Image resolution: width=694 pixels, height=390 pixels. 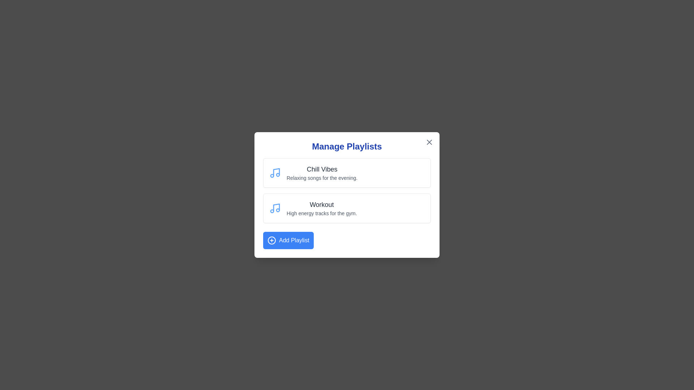 I want to click on the text label that reads 'Relaxing songs for the evening.' which is styled in gray and positioned below the 'Chill Vibes' heading, so click(x=322, y=178).